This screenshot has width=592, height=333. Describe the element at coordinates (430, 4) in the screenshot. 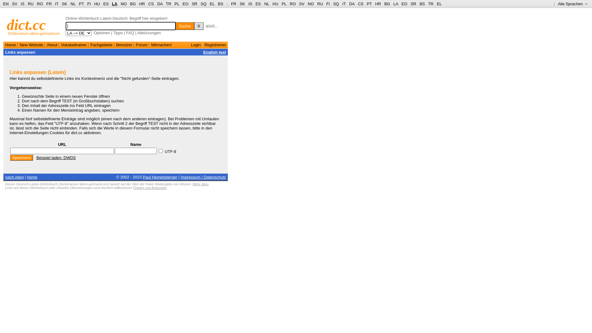

I see `'TR'` at that location.